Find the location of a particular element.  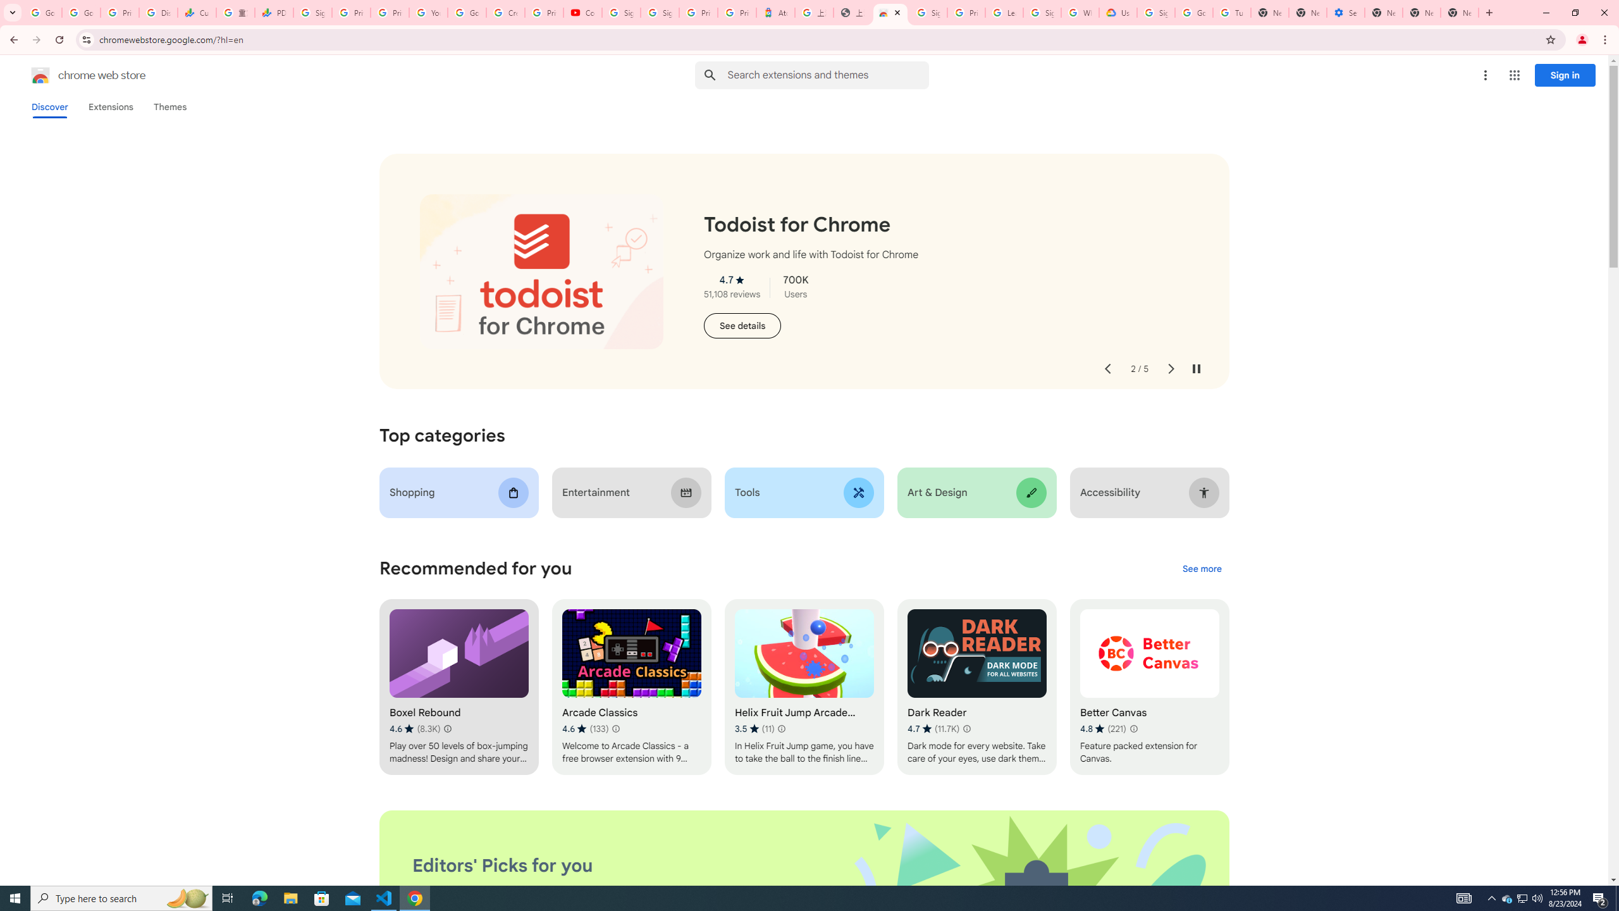

'Arcade Classics' is located at coordinates (631, 686).